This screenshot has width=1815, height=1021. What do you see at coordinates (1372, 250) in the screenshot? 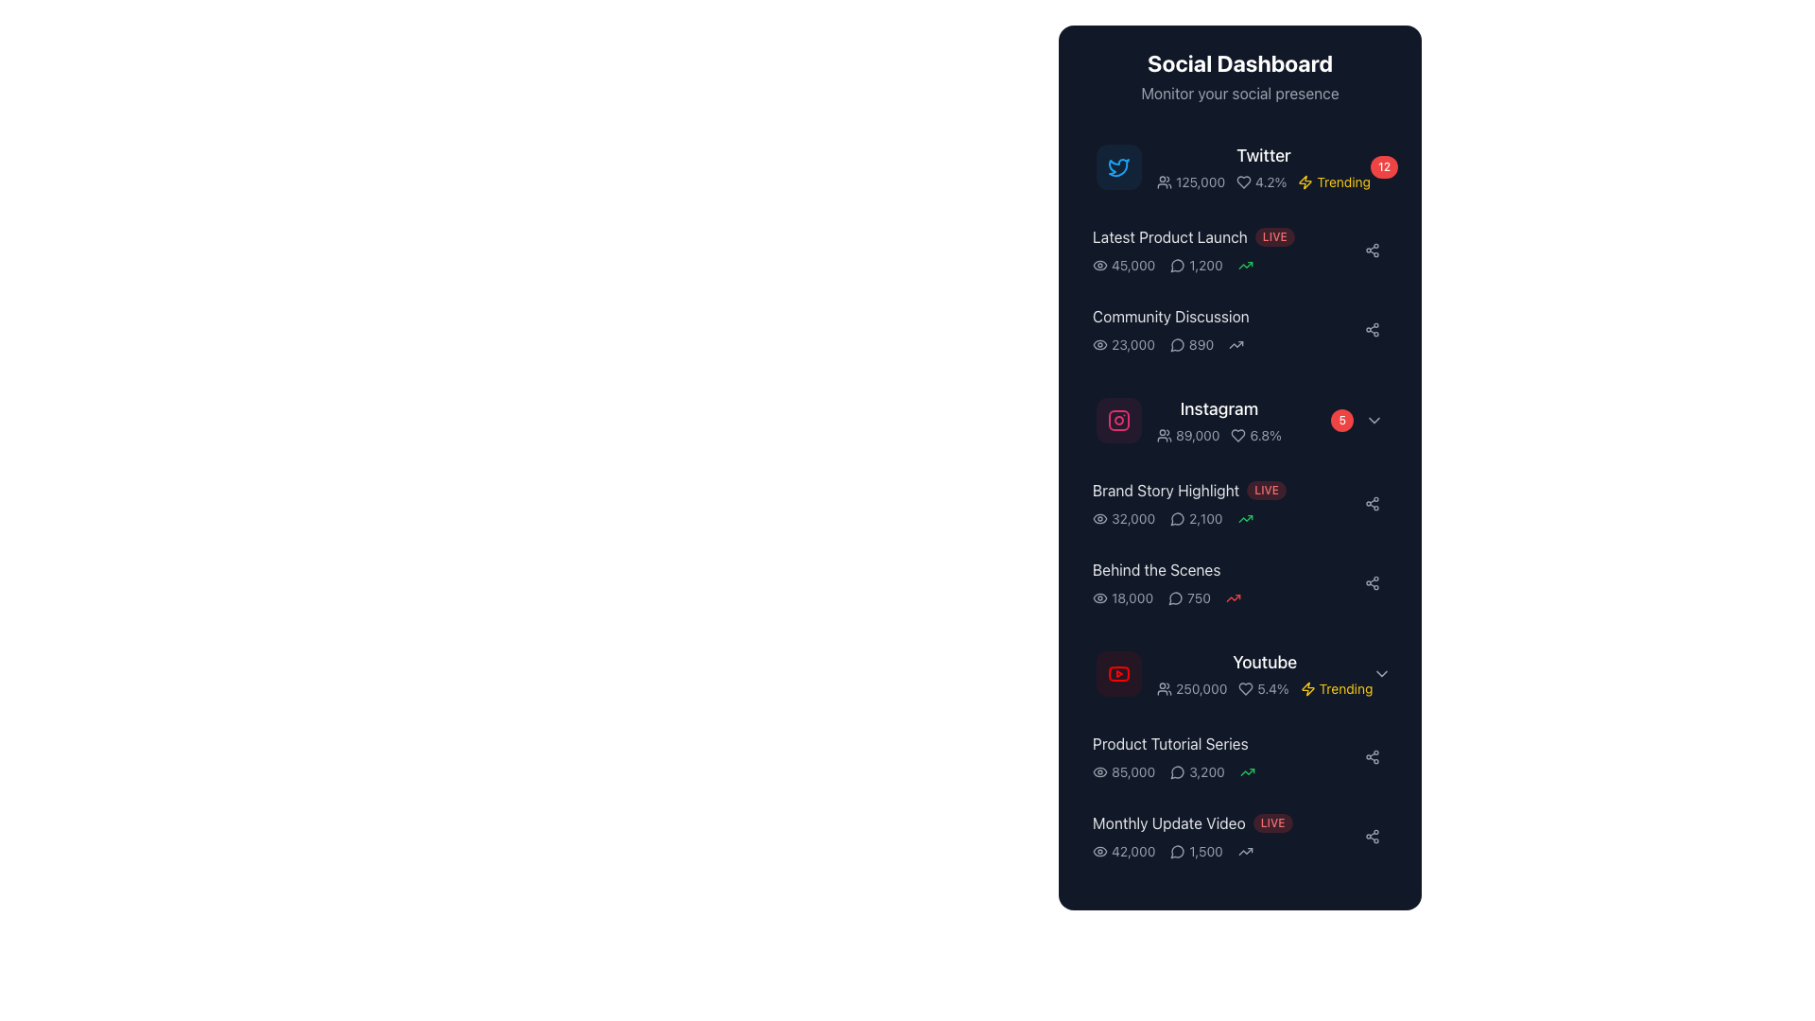
I see `the connected node graph icon located in the Social Dashboard to initiate sharing` at bounding box center [1372, 250].